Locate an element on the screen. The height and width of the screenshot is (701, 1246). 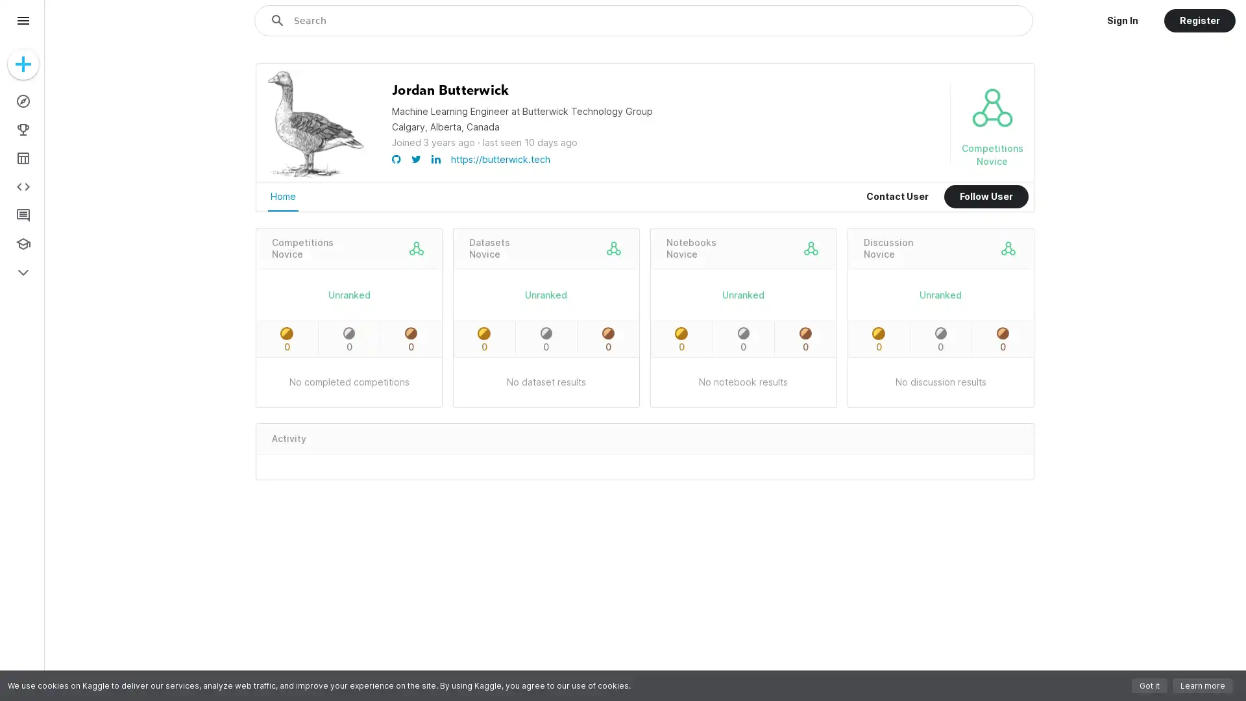
Datasets Novice is located at coordinates (488, 248).